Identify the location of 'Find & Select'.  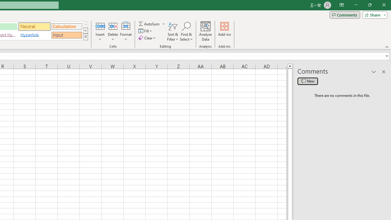
(186, 31).